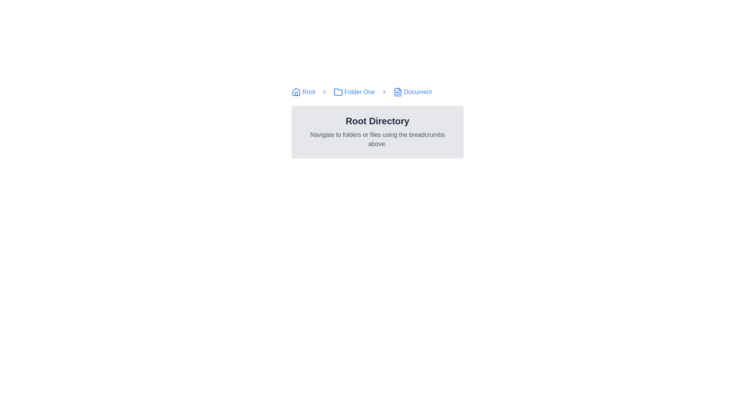 This screenshot has width=734, height=413. Describe the element at coordinates (324, 91) in the screenshot. I see `the breadcrumb separator icon located between the 'Root' text and the 'Folder One' text link` at that location.